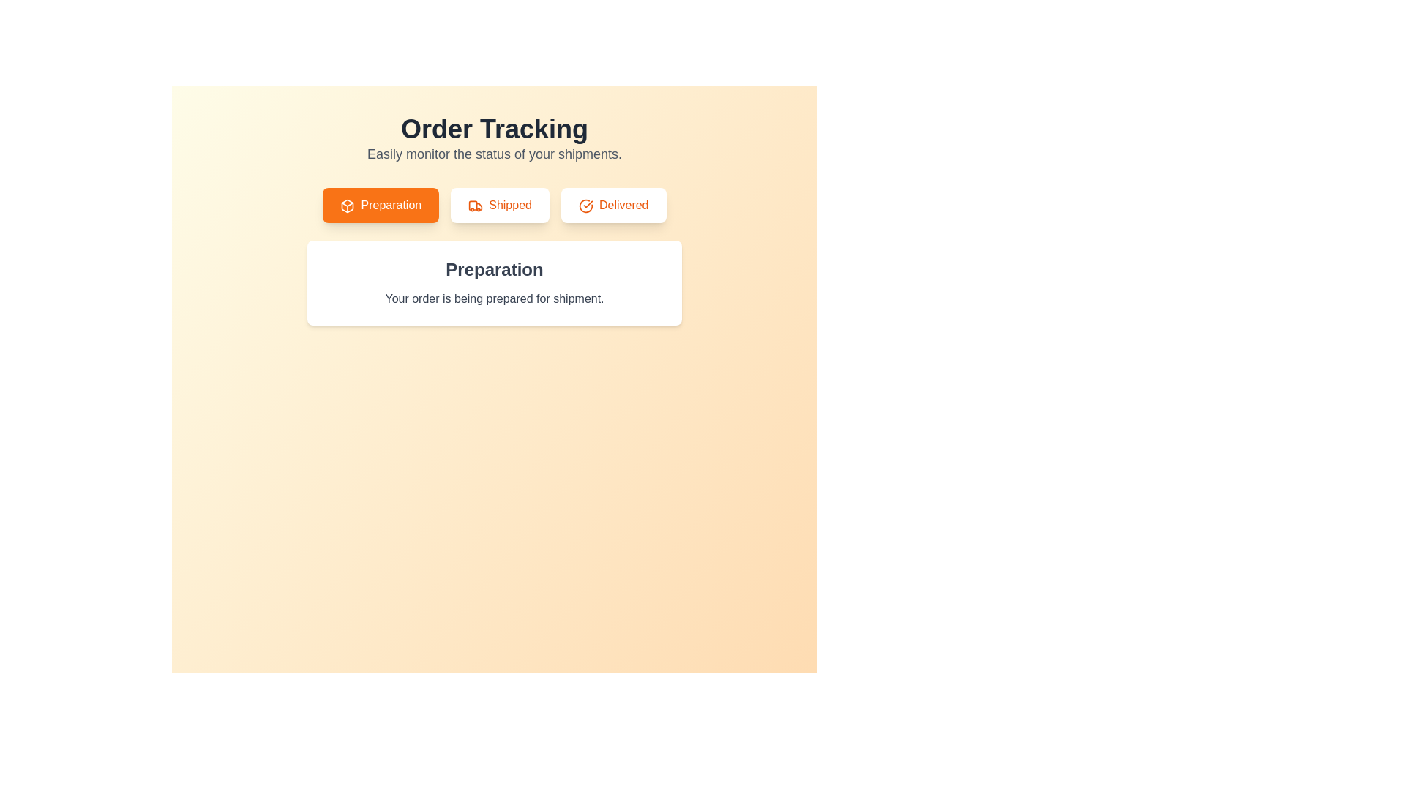 Image resolution: width=1405 pixels, height=790 pixels. Describe the element at coordinates (613, 206) in the screenshot. I see `the Delivered tab to view its content` at that location.